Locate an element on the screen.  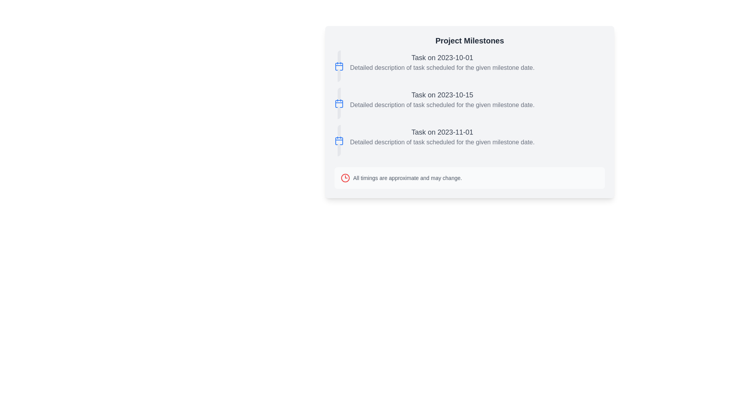
the descriptive Text label element located below the 'Task on 2023-11-01' milestone task for accessibility purposes is located at coordinates (442, 142).